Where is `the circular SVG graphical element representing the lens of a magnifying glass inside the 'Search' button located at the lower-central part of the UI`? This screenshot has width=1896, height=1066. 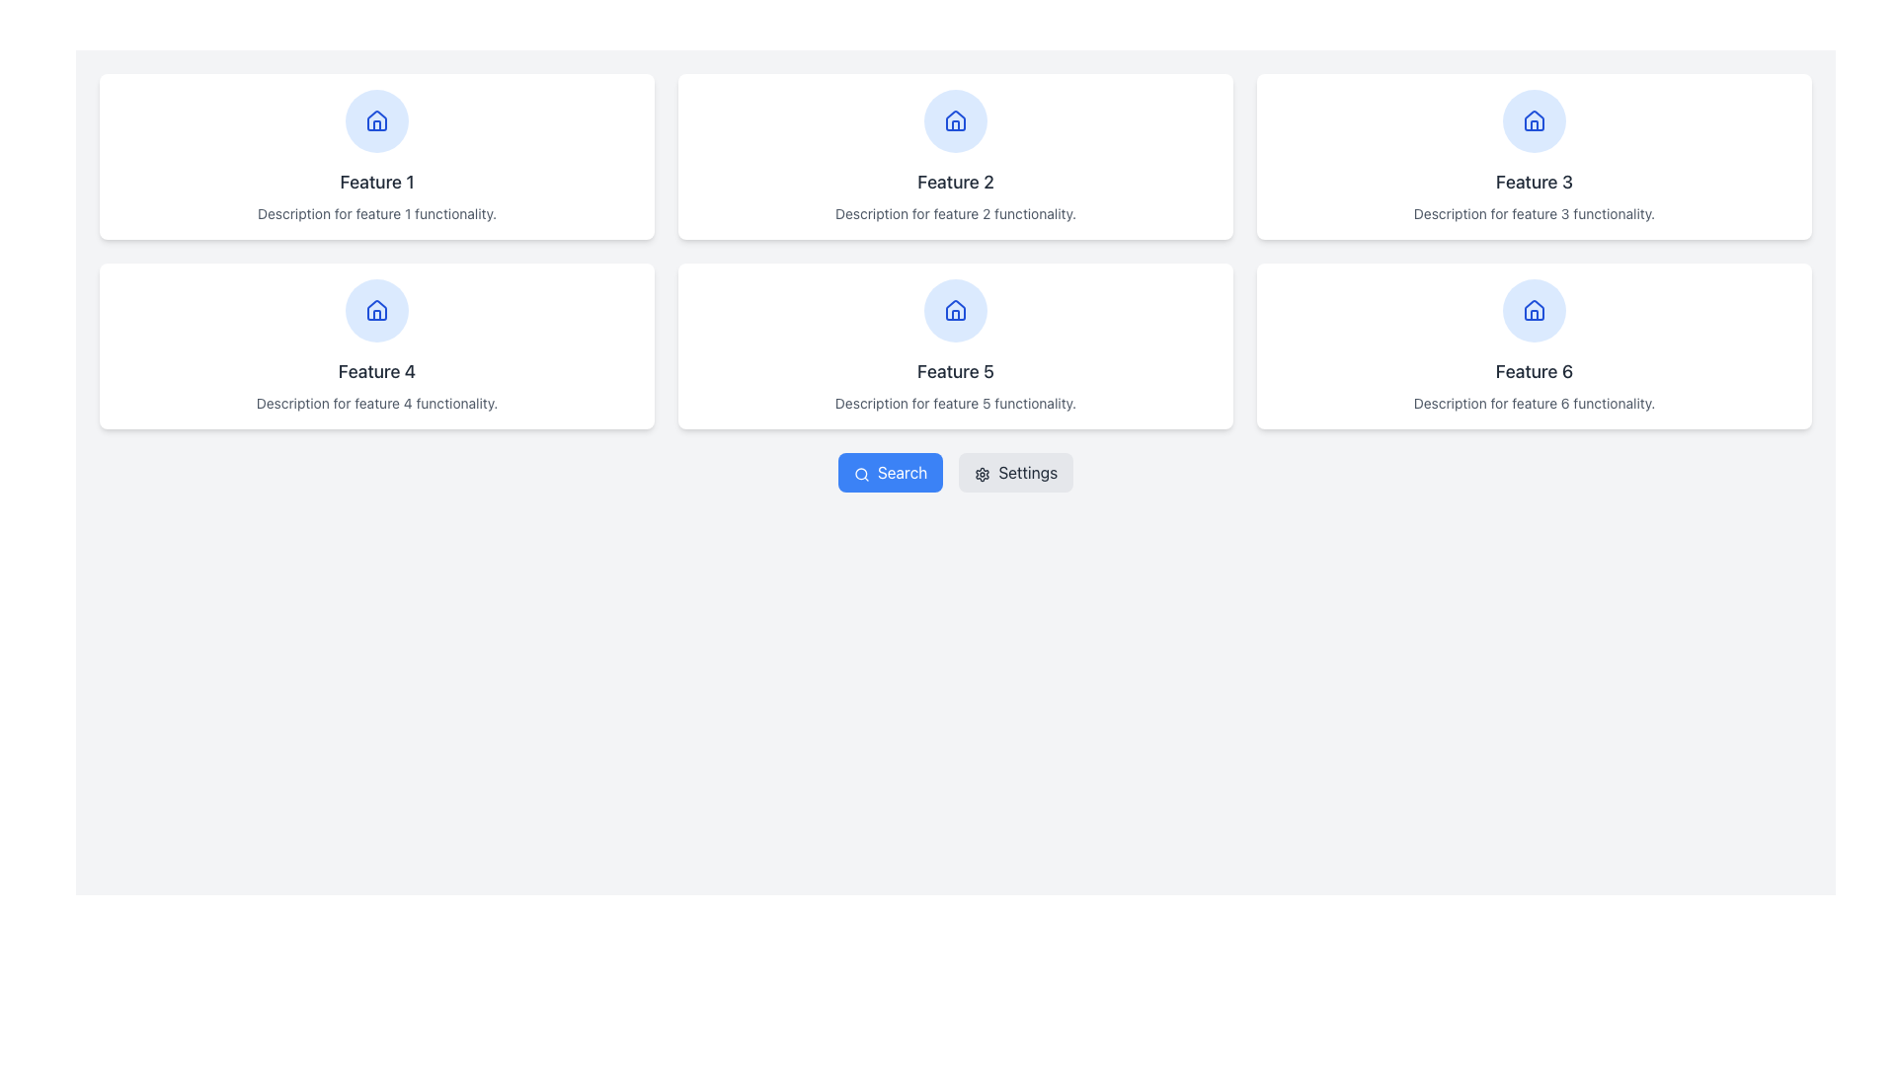 the circular SVG graphical element representing the lens of a magnifying glass inside the 'Search' button located at the lower-central part of the UI is located at coordinates (861, 474).